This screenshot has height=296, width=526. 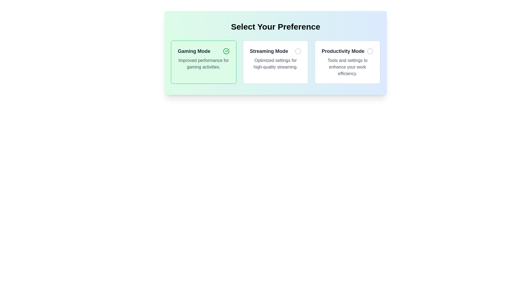 I want to click on the 'Gaming Mode' icon, which indicates that the option is currently selected, so click(x=226, y=51).